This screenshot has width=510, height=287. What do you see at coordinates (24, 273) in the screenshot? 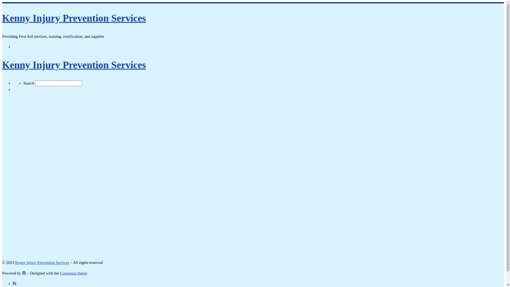
I see `'Powered by WordPress'` at bounding box center [24, 273].